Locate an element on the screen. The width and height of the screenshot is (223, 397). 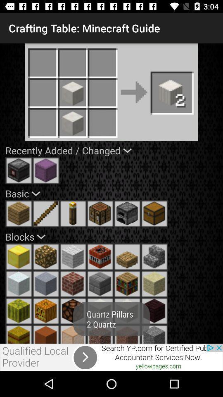
pick the option is located at coordinates (46, 213).